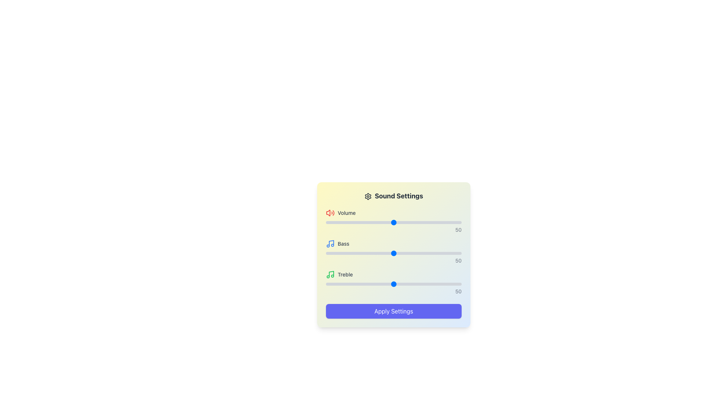  What do you see at coordinates (393, 253) in the screenshot?
I see `the bass level` at bounding box center [393, 253].